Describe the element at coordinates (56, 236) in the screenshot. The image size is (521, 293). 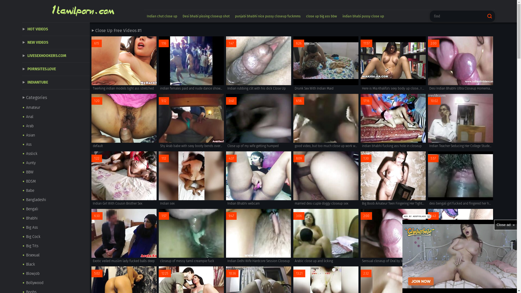
I see `'Big Cock'` at that location.